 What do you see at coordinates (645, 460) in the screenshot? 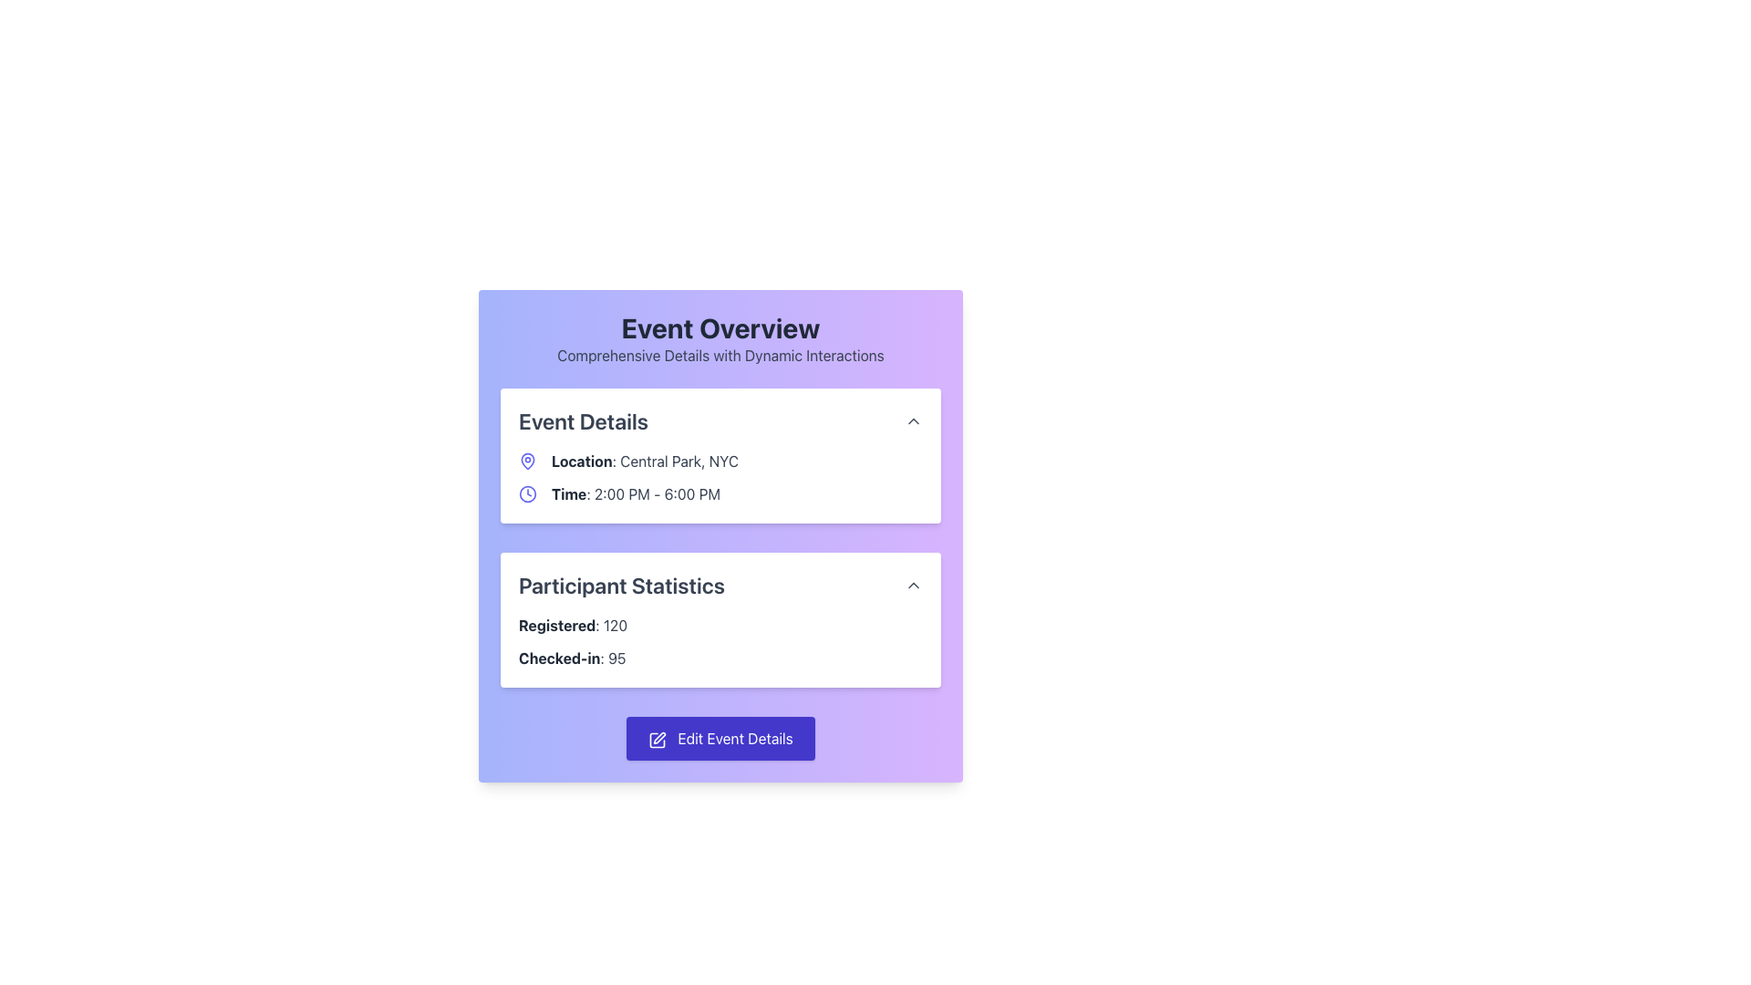
I see `text element displaying 'Location: Central Park, NYC' located in the 'Event Details' section, just beneath the title 'Event Details'` at bounding box center [645, 460].